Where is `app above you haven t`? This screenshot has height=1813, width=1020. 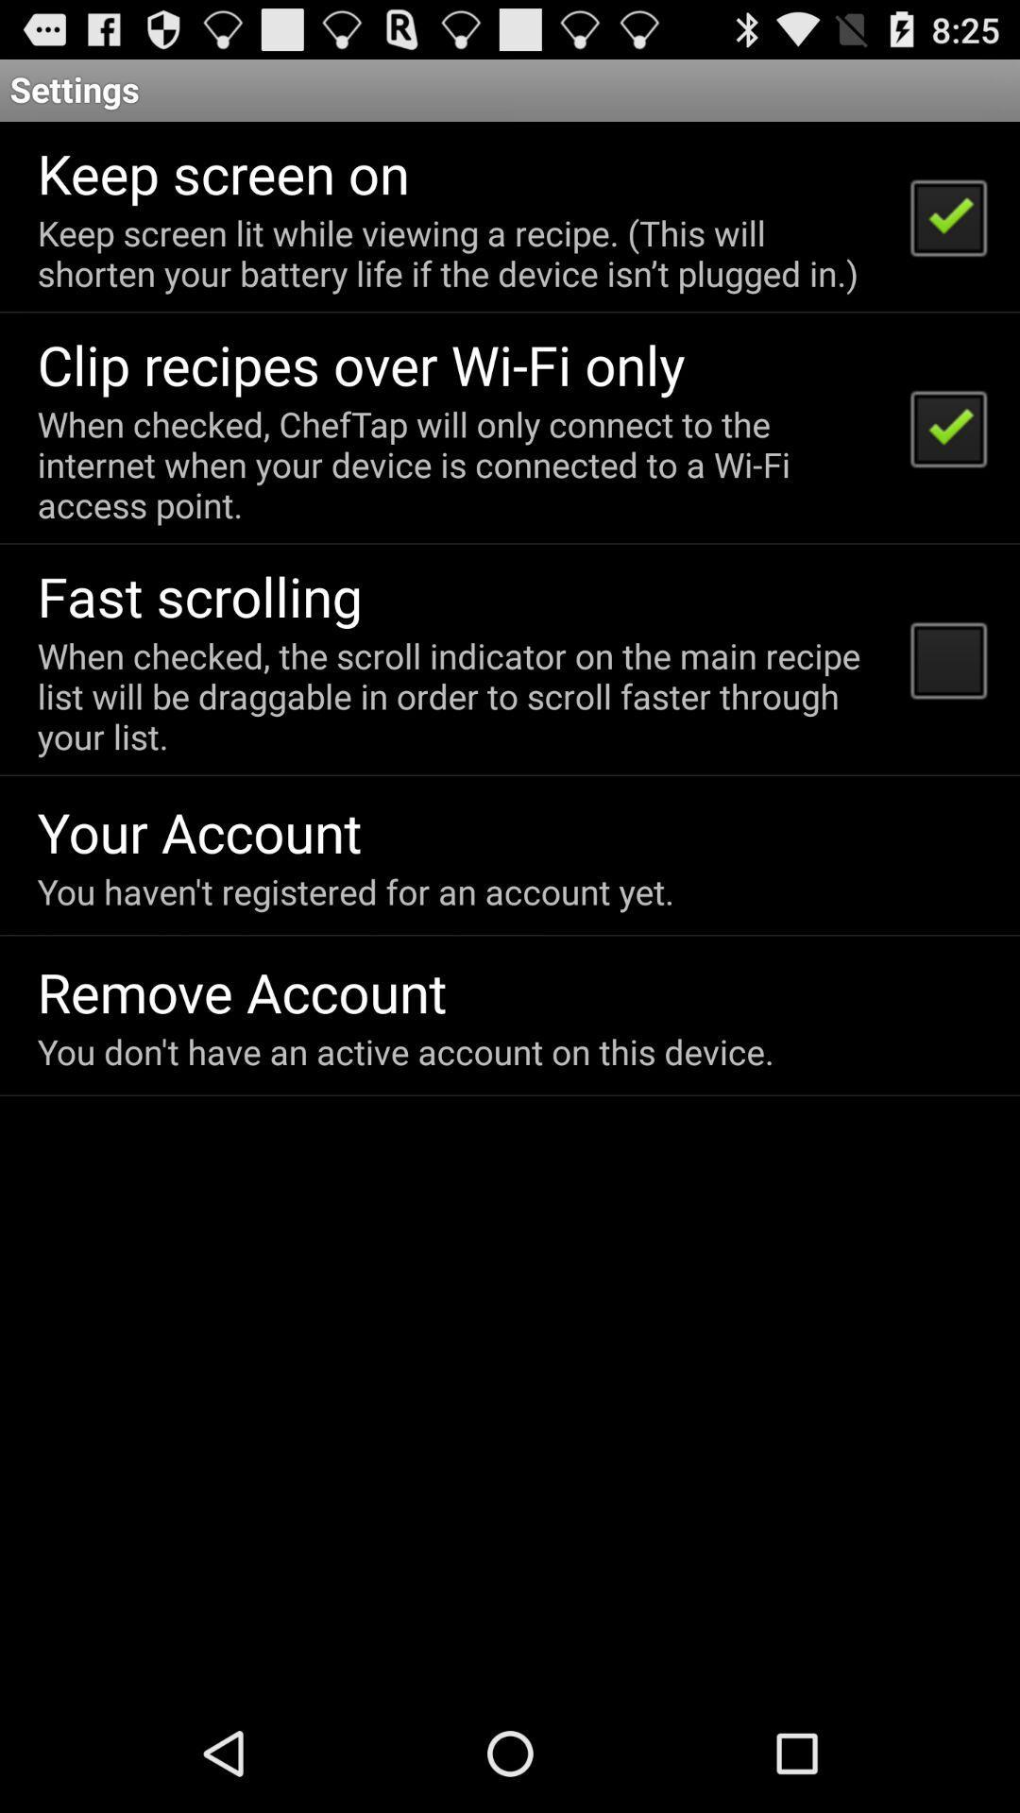
app above you haven t is located at coordinates (199, 831).